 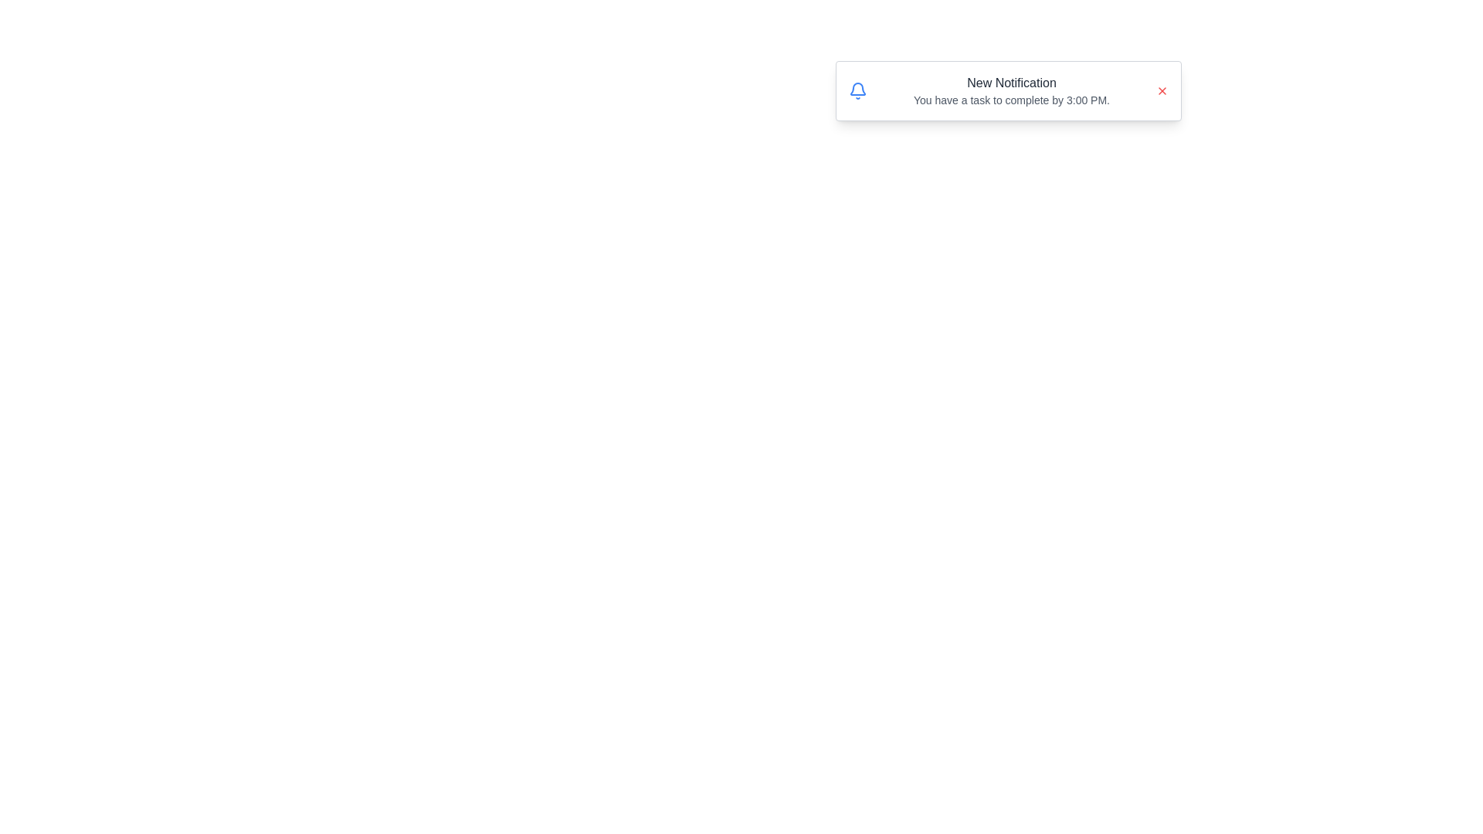 I want to click on text of the static textual label that serves as the title for the notification card, centrally aligned in the title area, so click(x=1012, y=83).